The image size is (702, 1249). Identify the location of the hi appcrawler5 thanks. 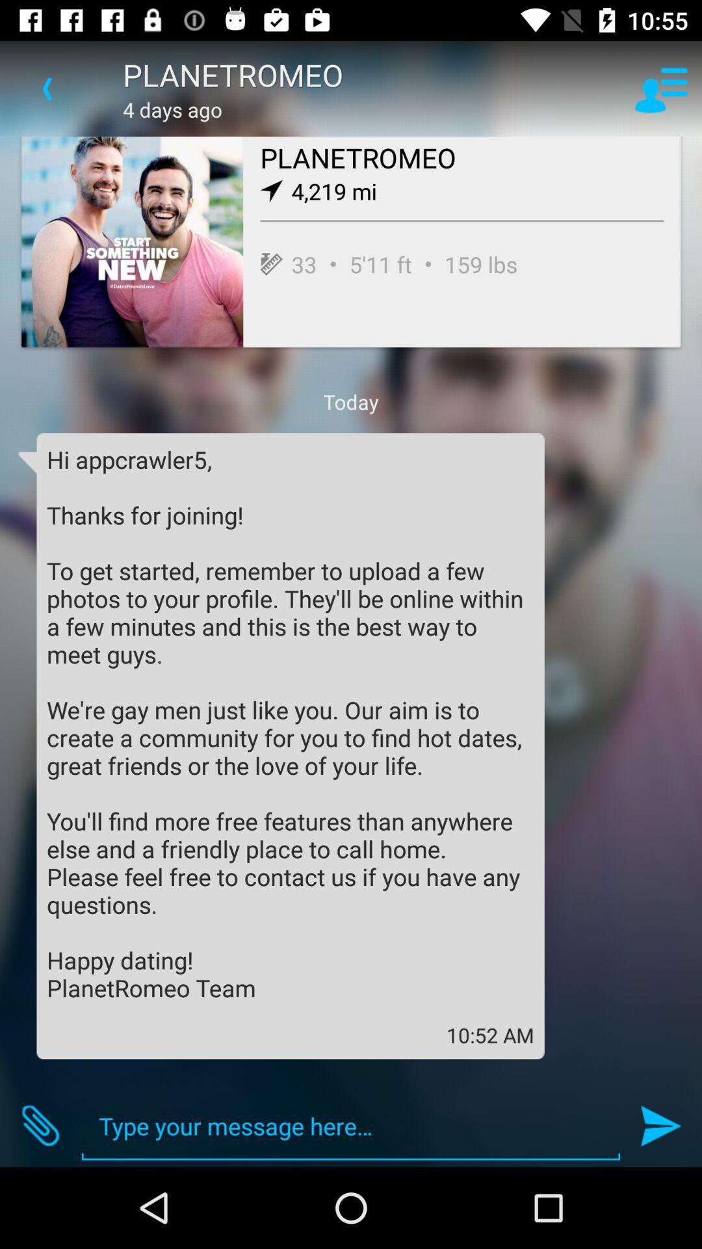
(290, 723).